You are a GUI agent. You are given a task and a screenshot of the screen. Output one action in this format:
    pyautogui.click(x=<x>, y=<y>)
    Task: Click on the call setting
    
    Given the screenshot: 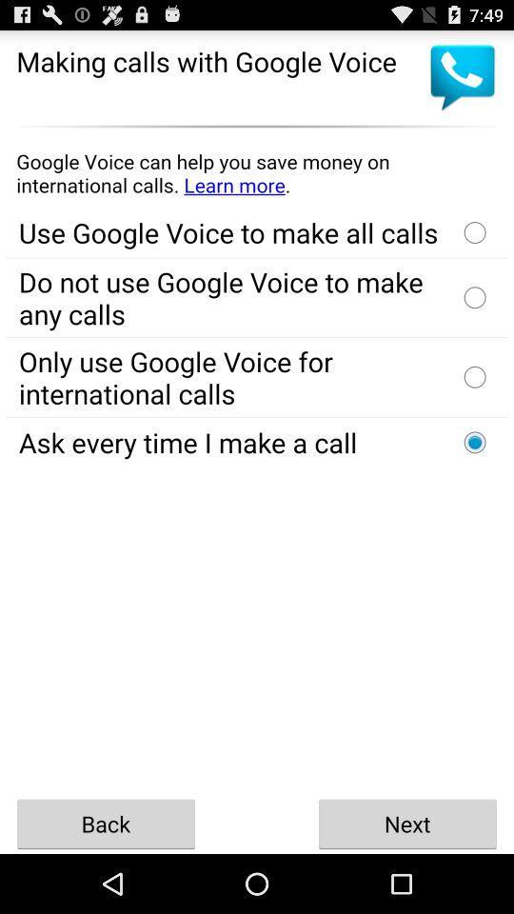 What is the action you would take?
    pyautogui.click(x=474, y=442)
    